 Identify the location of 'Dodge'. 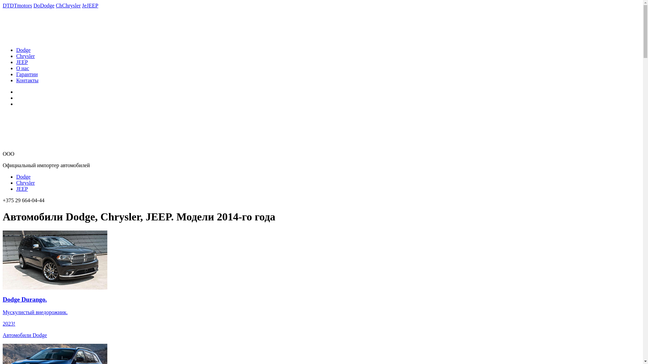
(23, 50).